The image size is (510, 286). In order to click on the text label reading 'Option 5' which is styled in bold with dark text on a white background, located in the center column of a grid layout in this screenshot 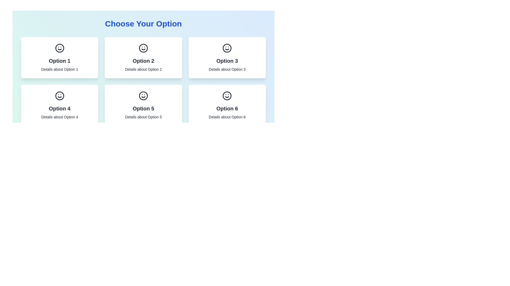, I will do `click(143, 108)`.